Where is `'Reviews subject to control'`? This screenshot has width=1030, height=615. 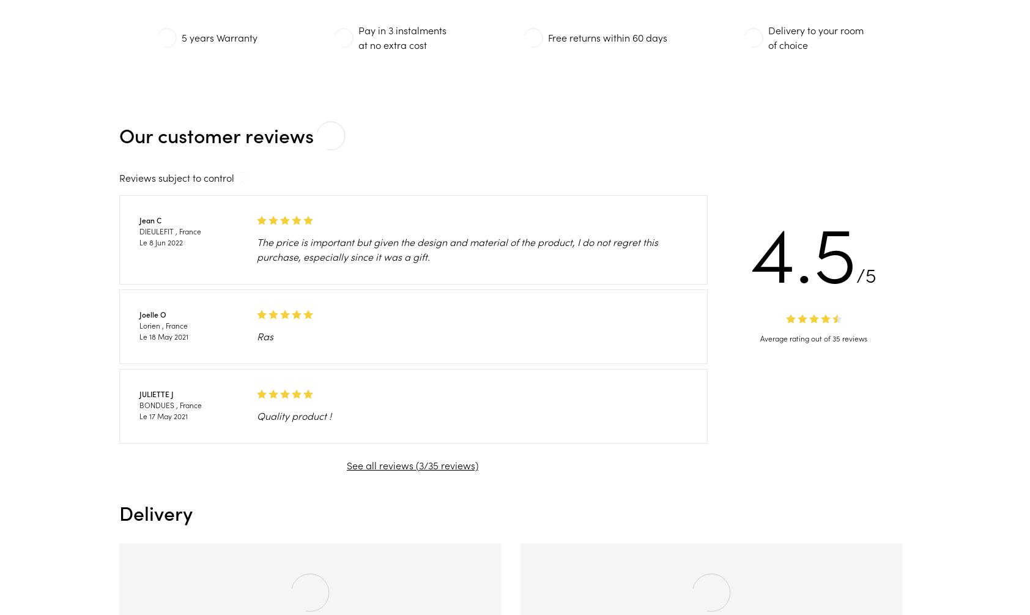
'Reviews subject to control' is located at coordinates (177, 177).